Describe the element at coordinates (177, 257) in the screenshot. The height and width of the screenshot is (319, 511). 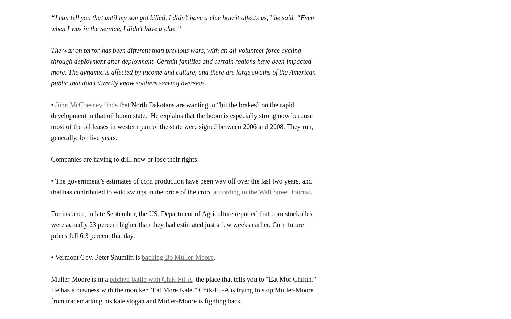
I see `'backing Bo Muller-Moore'` at that location.